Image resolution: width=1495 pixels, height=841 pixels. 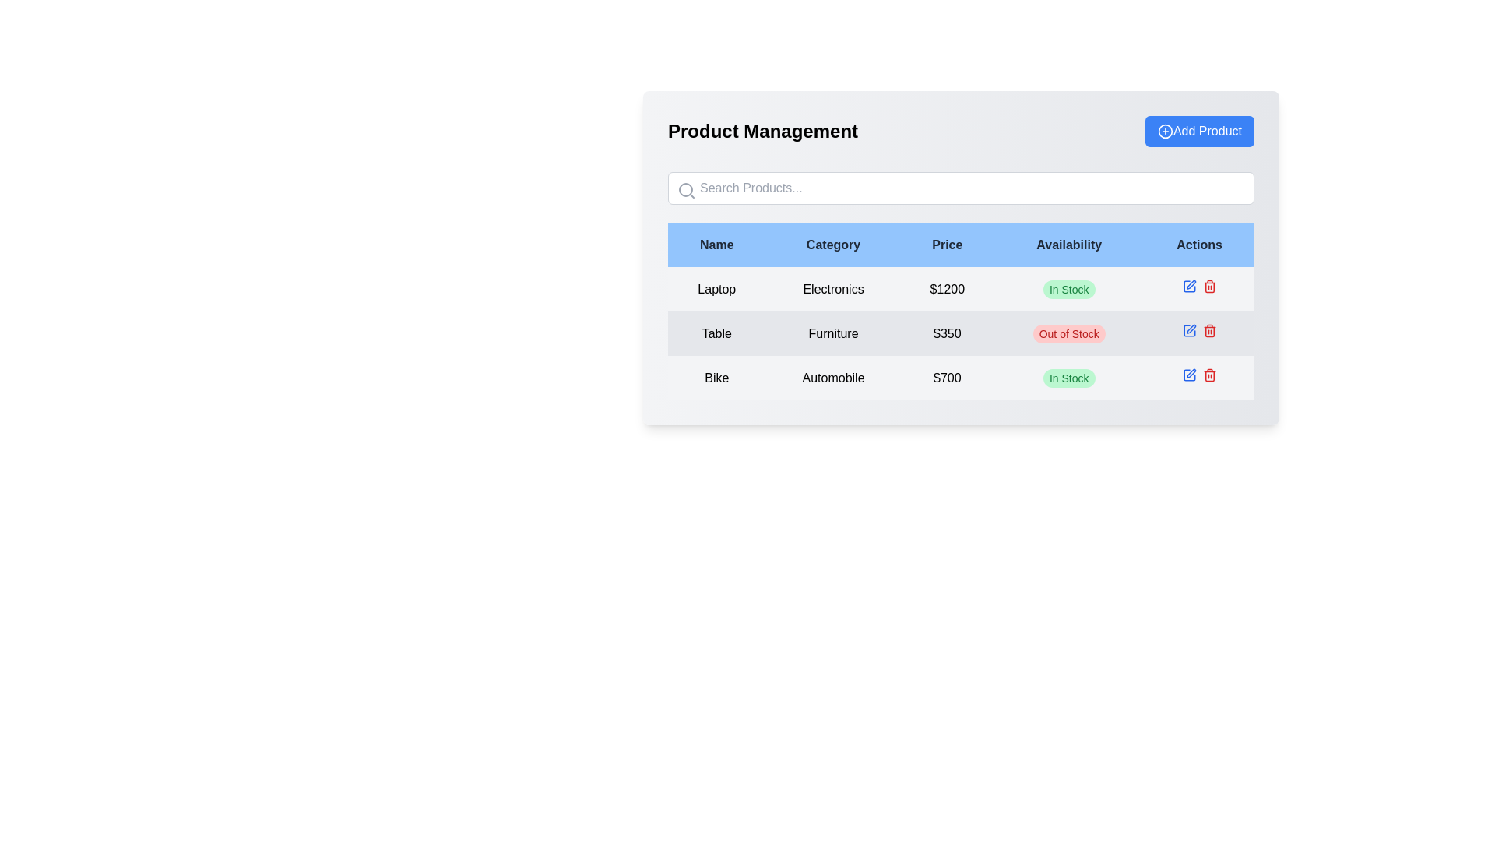 I want to click on text content of the 'Bike' label, which is a text label in the third row of a product management table under the 'Name' column, so click(x=716, y=378).